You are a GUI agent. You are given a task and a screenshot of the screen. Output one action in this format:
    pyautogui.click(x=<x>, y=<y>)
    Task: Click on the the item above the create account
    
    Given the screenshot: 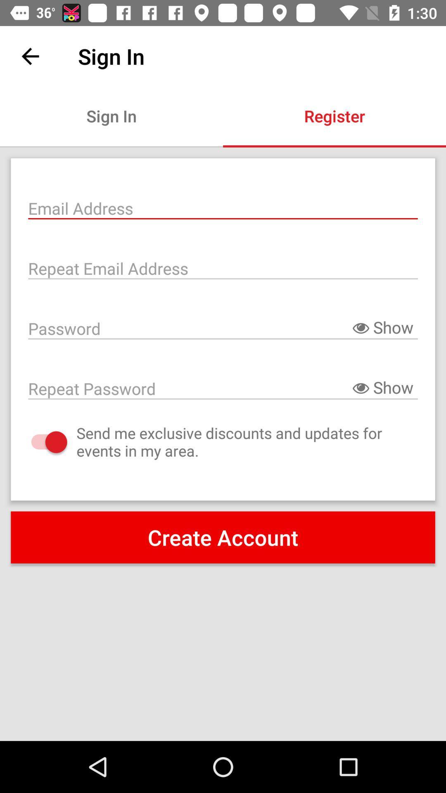 What is the action you would take?
    pyautogui.click(x=41, y=442)
    